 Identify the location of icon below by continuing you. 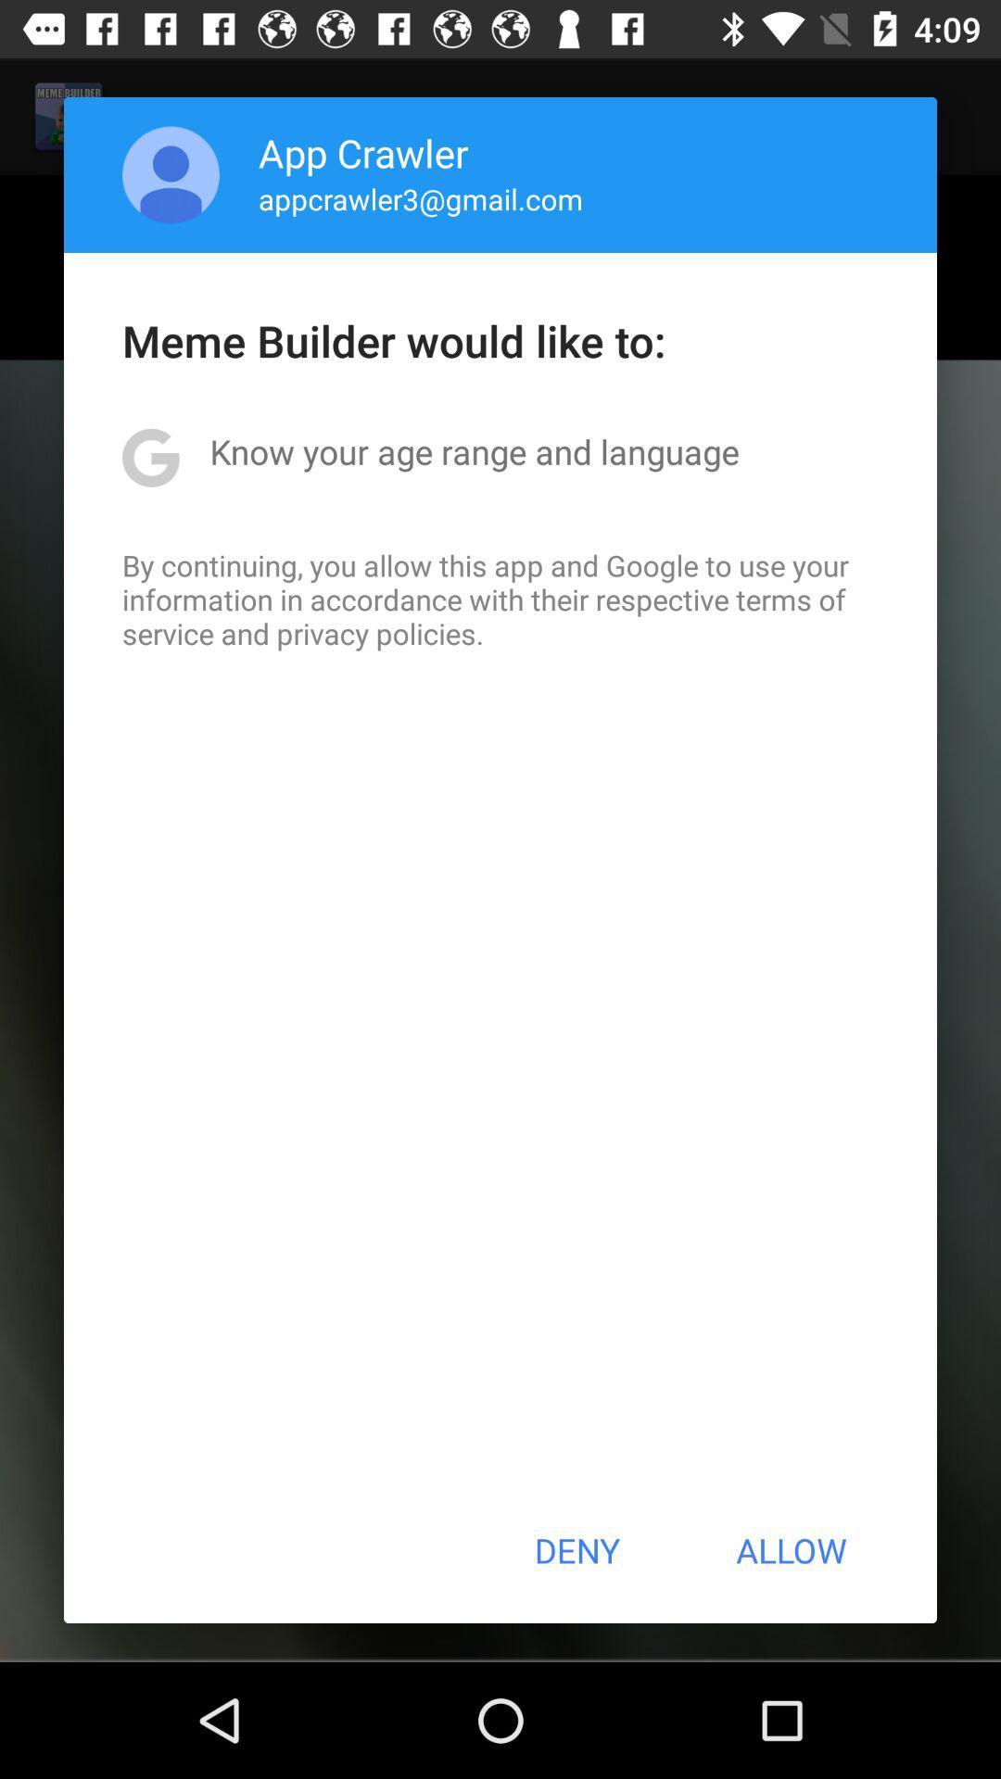
(576, 1550).